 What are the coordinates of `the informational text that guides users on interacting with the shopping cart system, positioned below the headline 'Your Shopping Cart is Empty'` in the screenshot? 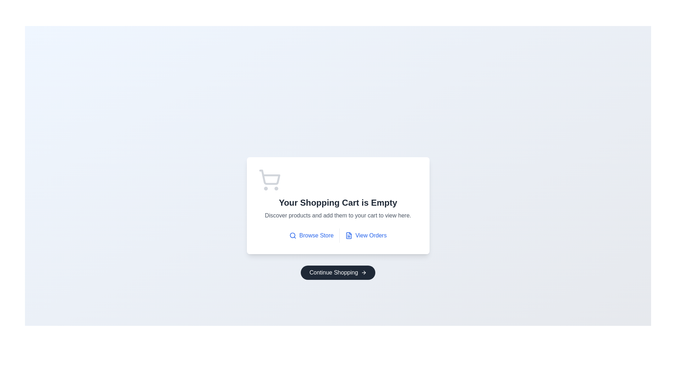 It's located at (338, 215).